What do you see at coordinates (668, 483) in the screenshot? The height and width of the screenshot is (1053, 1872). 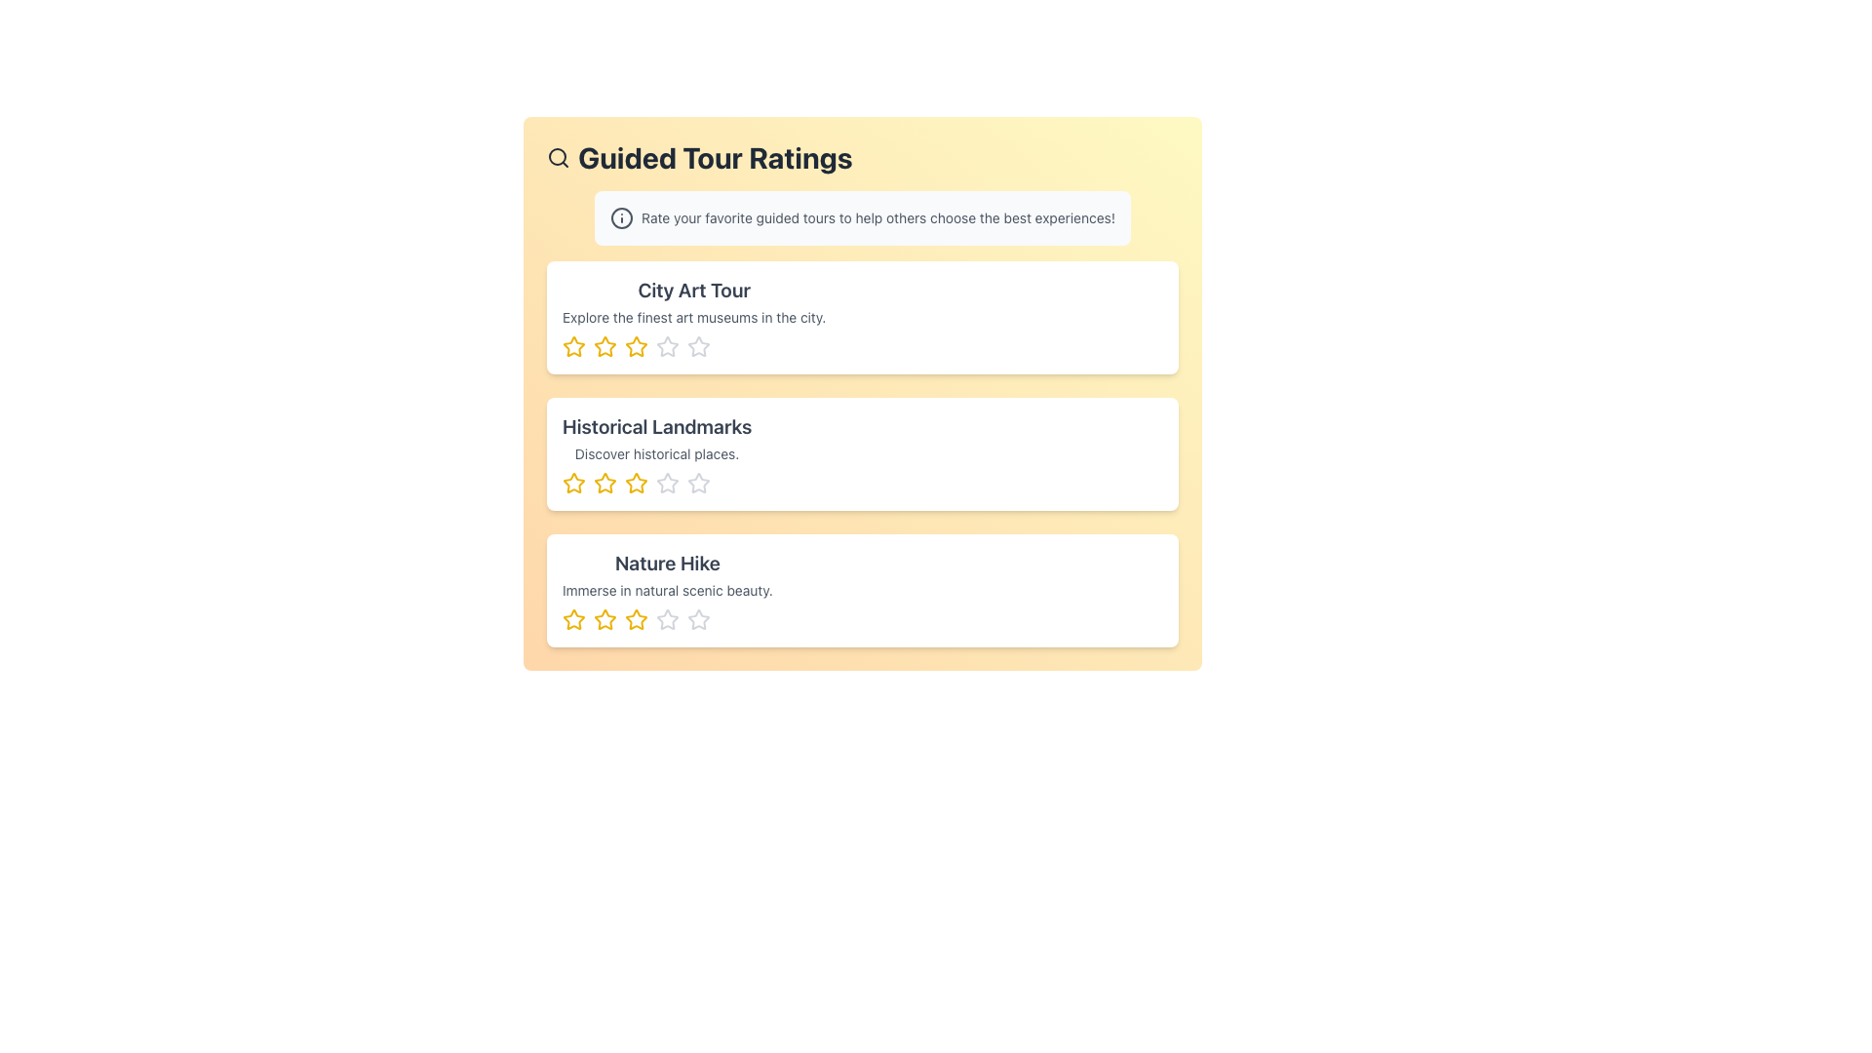 I see `the fifth rating star in the 'Historical Landmarks' section to indicate a rating` at bounding box center [668, 483].